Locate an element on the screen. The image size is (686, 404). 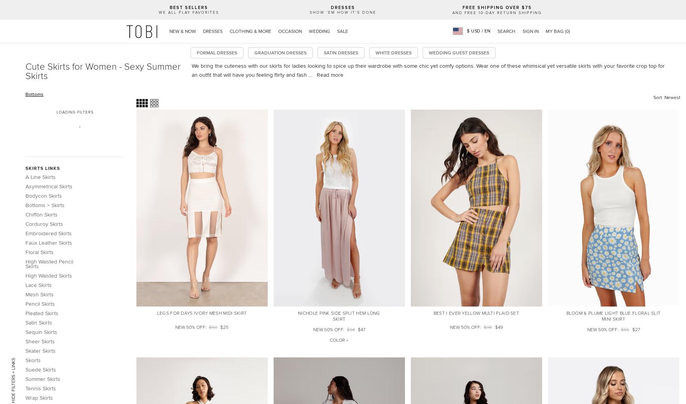
'Bloom & Plume Light Blue Floral Slit Mini Skirt' is located at coordinates (566, 316).